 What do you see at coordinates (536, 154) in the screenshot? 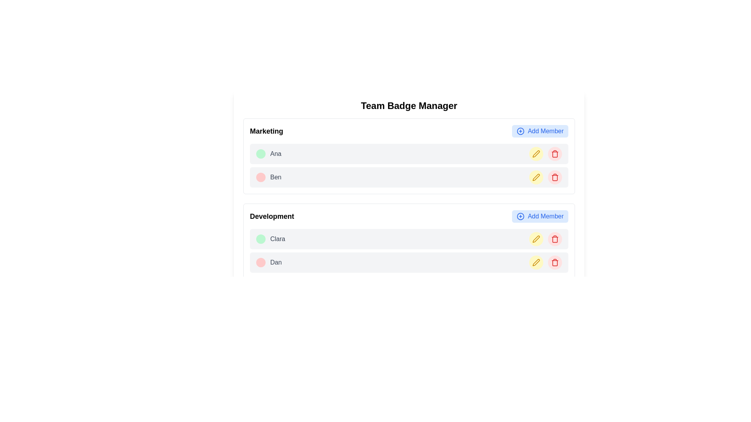
I see `the edit button located in the 'Marketing' department section for the user 'Ben', positioned to the right of the row and preceding the red delete button` at bounding box center [536, 154].